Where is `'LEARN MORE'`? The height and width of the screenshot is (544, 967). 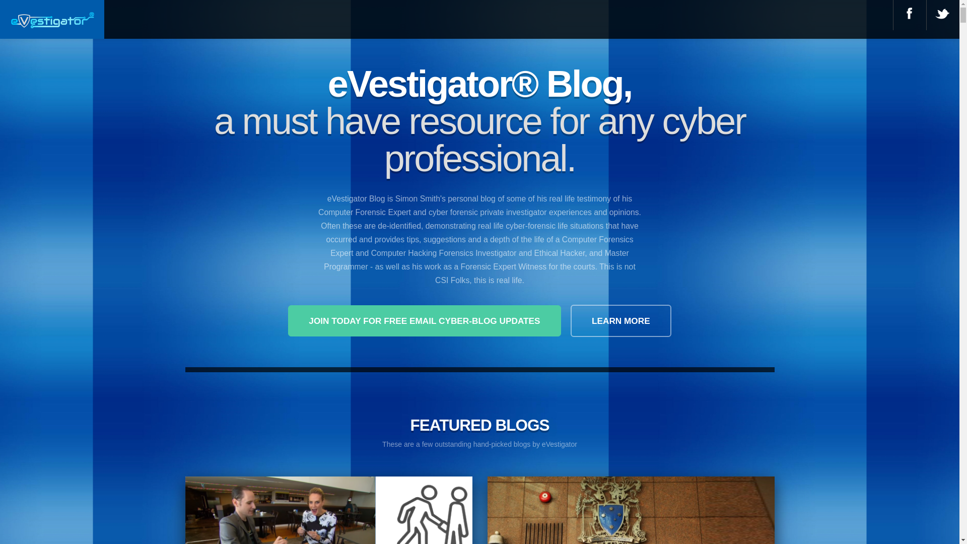
'LEARN MORE' is located at coordinates (620, 320).